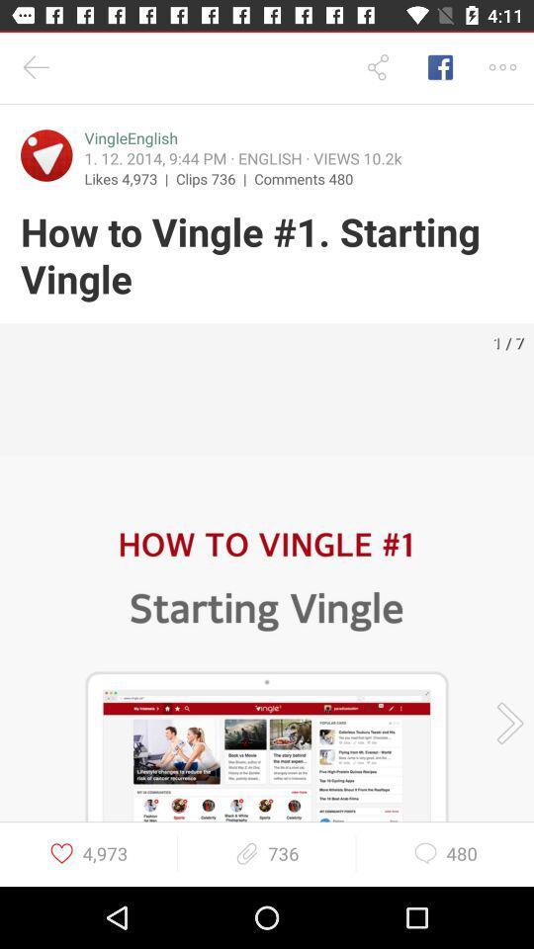 This screenshot has width=534, height=949. I want to click on the share icon, so click(378, 67).